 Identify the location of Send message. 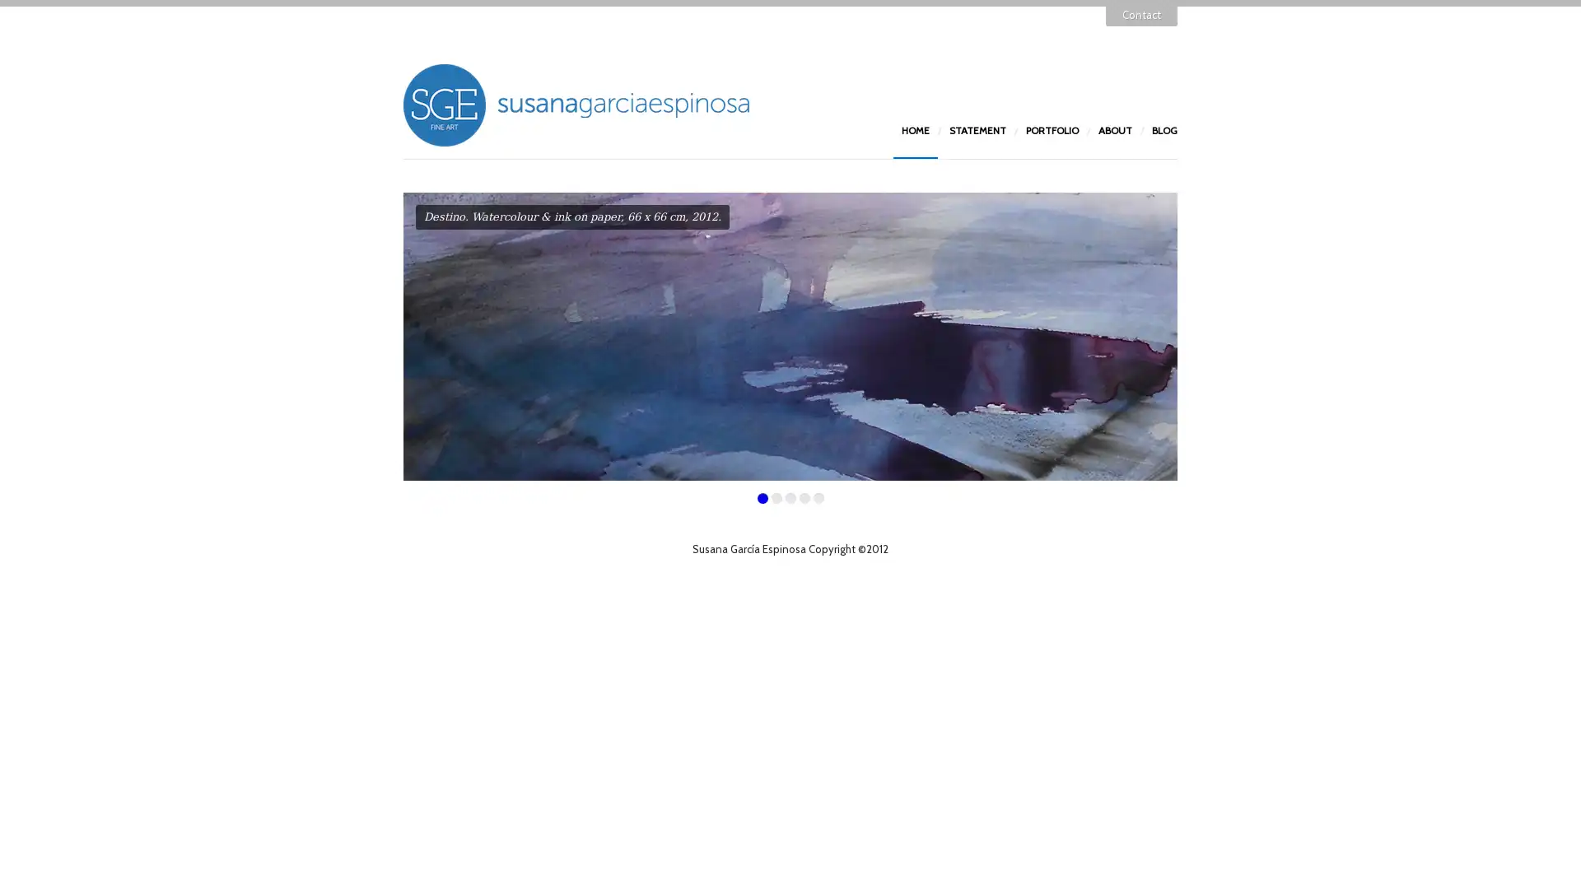
(710, 272).